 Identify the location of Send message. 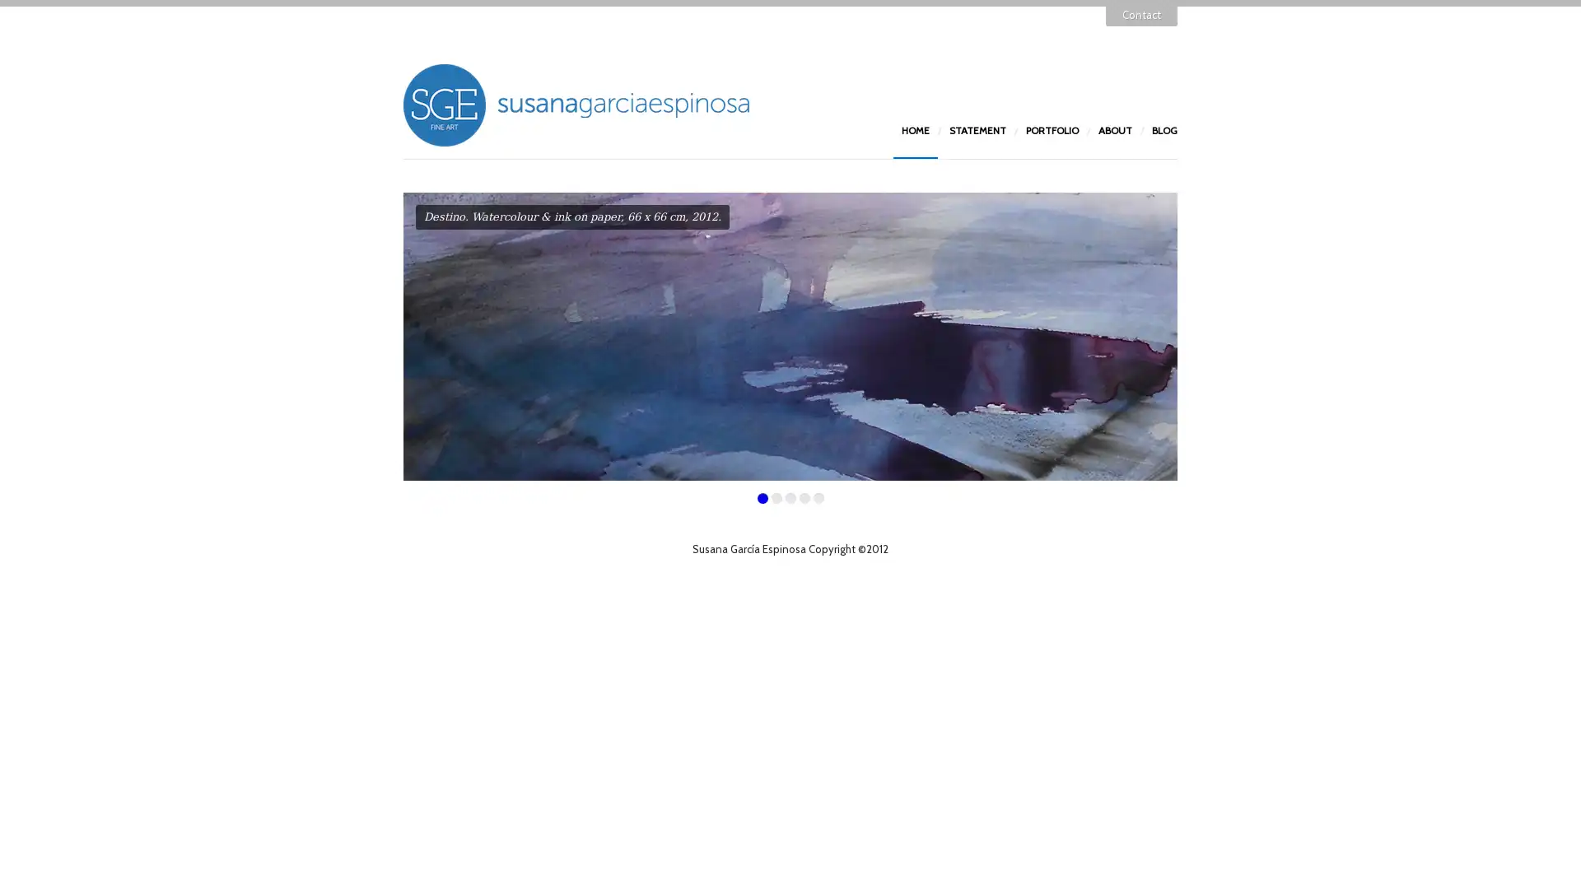
(710, 272).